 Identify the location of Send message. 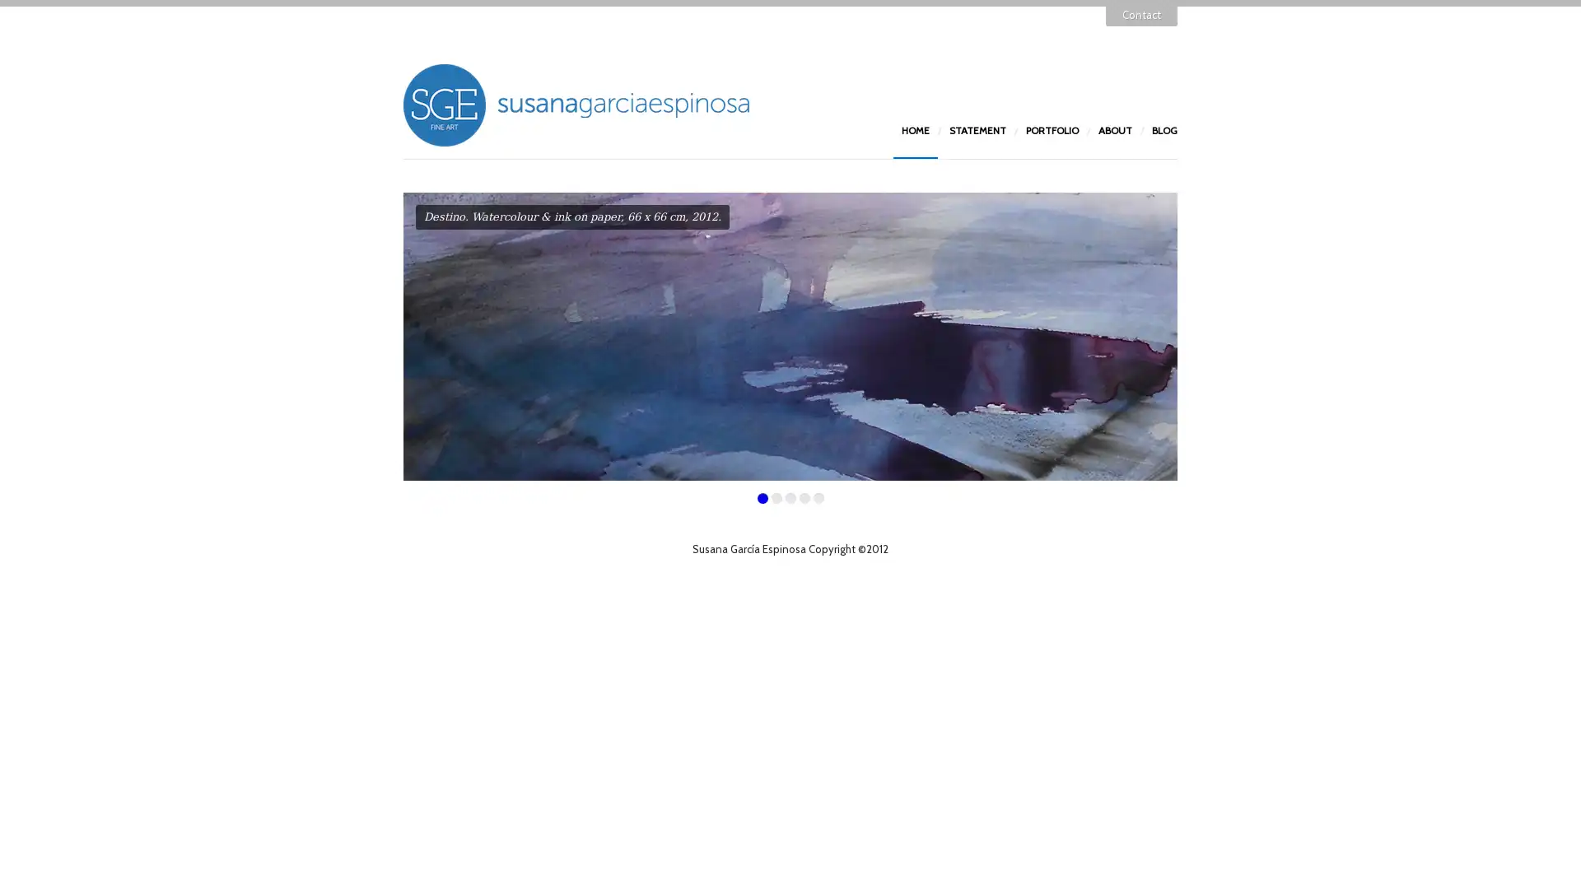
(710, 272).